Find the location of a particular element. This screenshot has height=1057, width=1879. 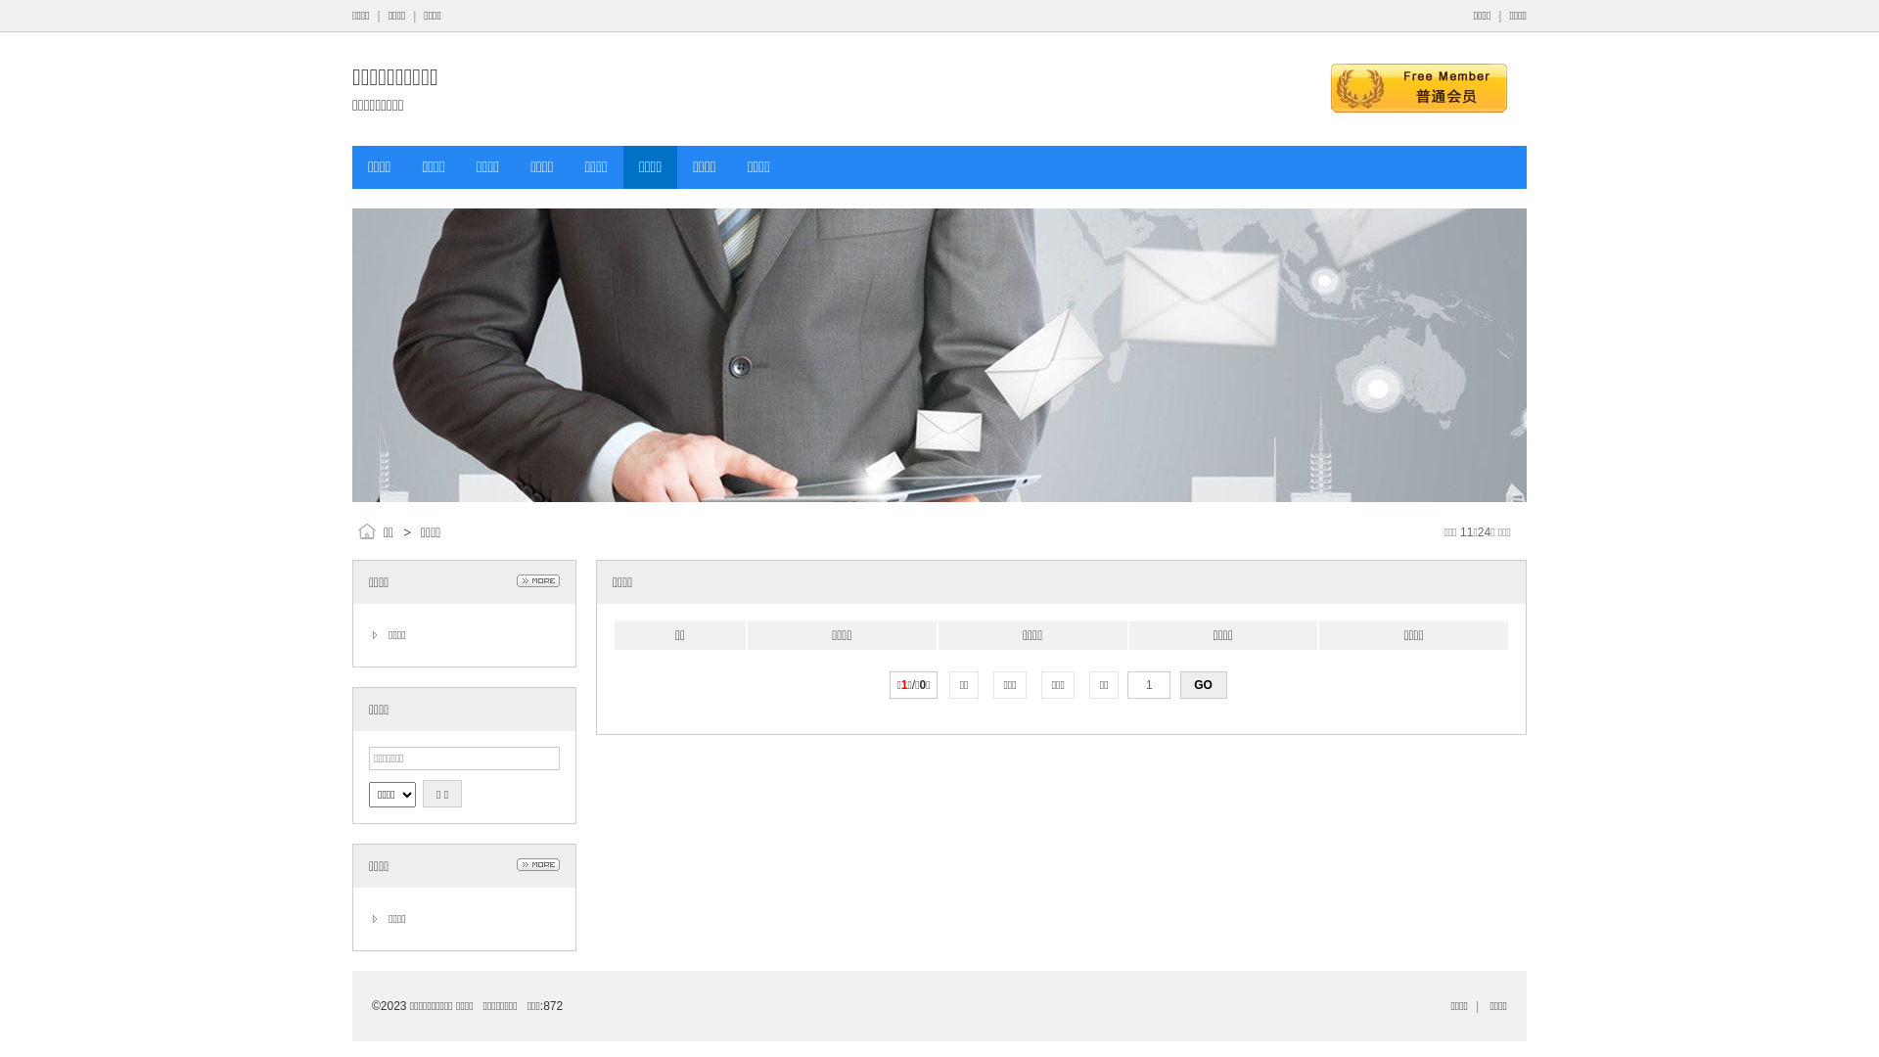

'GO' is located at coordinates (1178, 683).